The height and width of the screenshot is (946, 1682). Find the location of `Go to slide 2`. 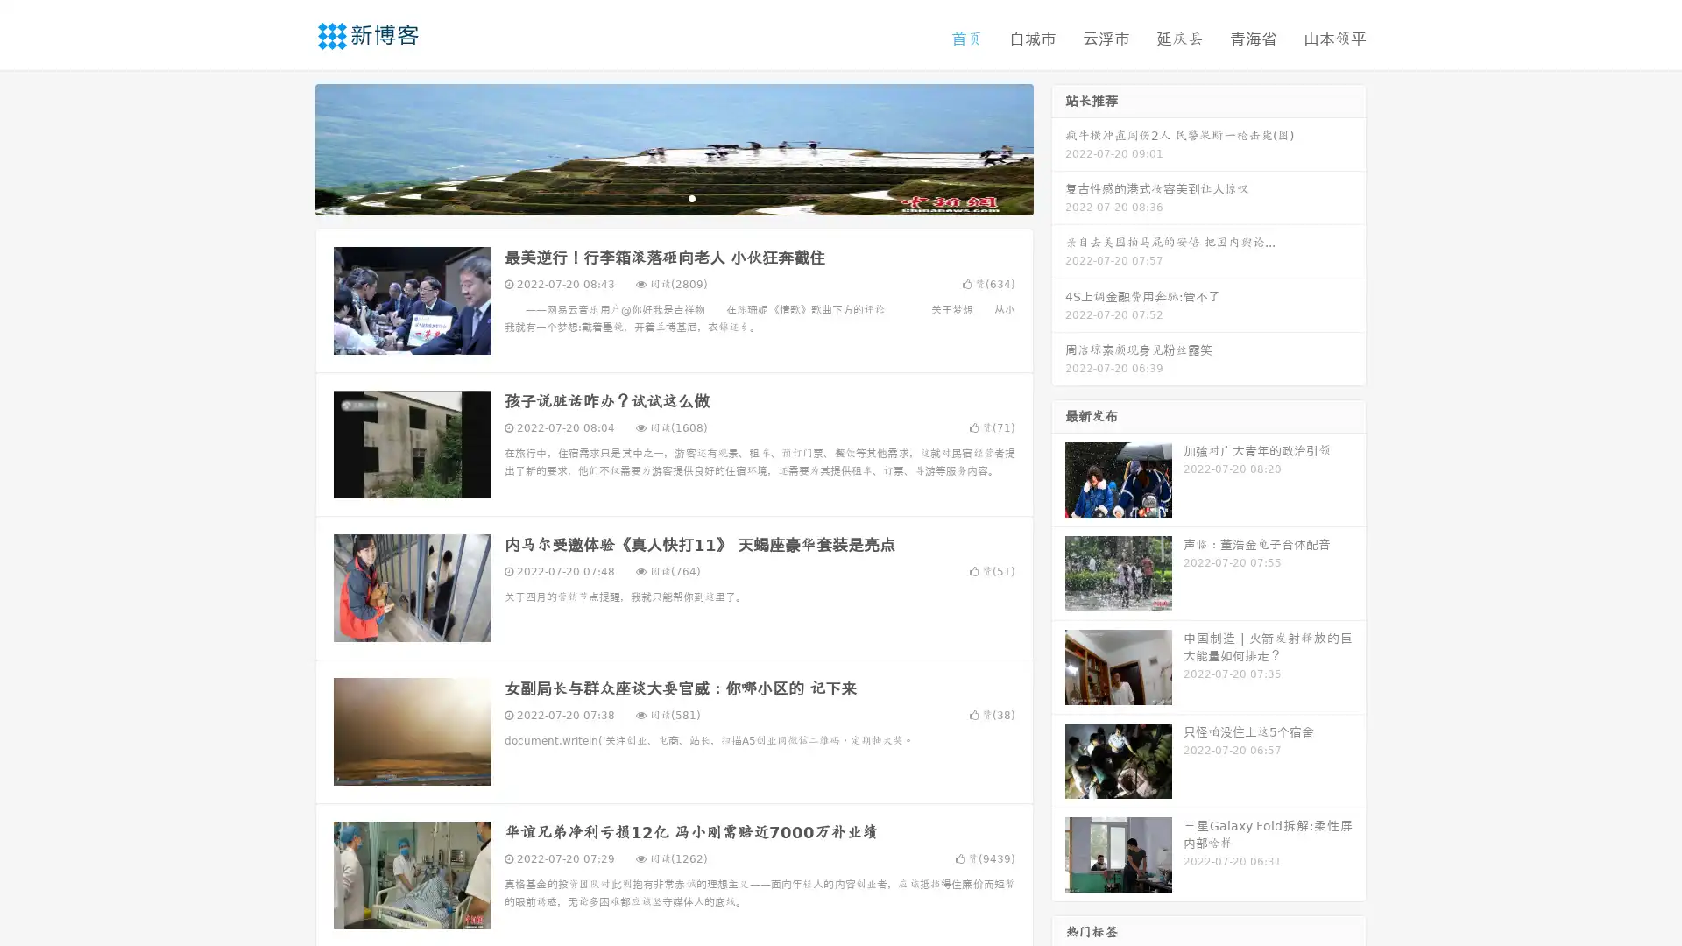

Go to slide 2 is located at coordinates (673, 197).